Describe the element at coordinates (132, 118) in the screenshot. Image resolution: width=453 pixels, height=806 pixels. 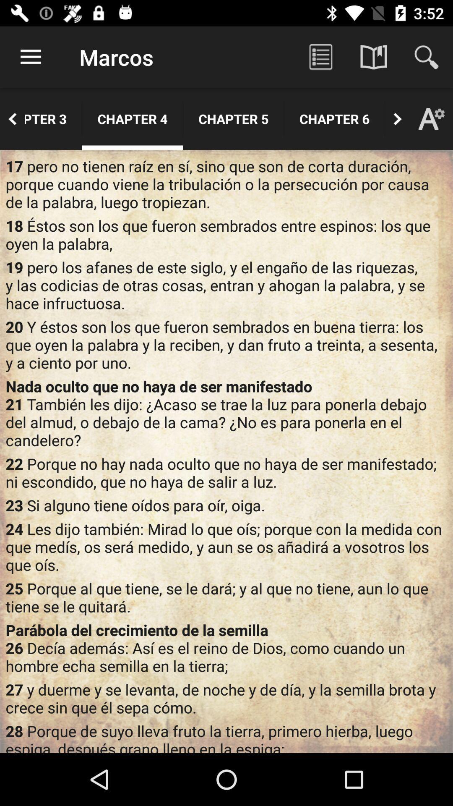
I see `icon below the marcos icon` at that location.